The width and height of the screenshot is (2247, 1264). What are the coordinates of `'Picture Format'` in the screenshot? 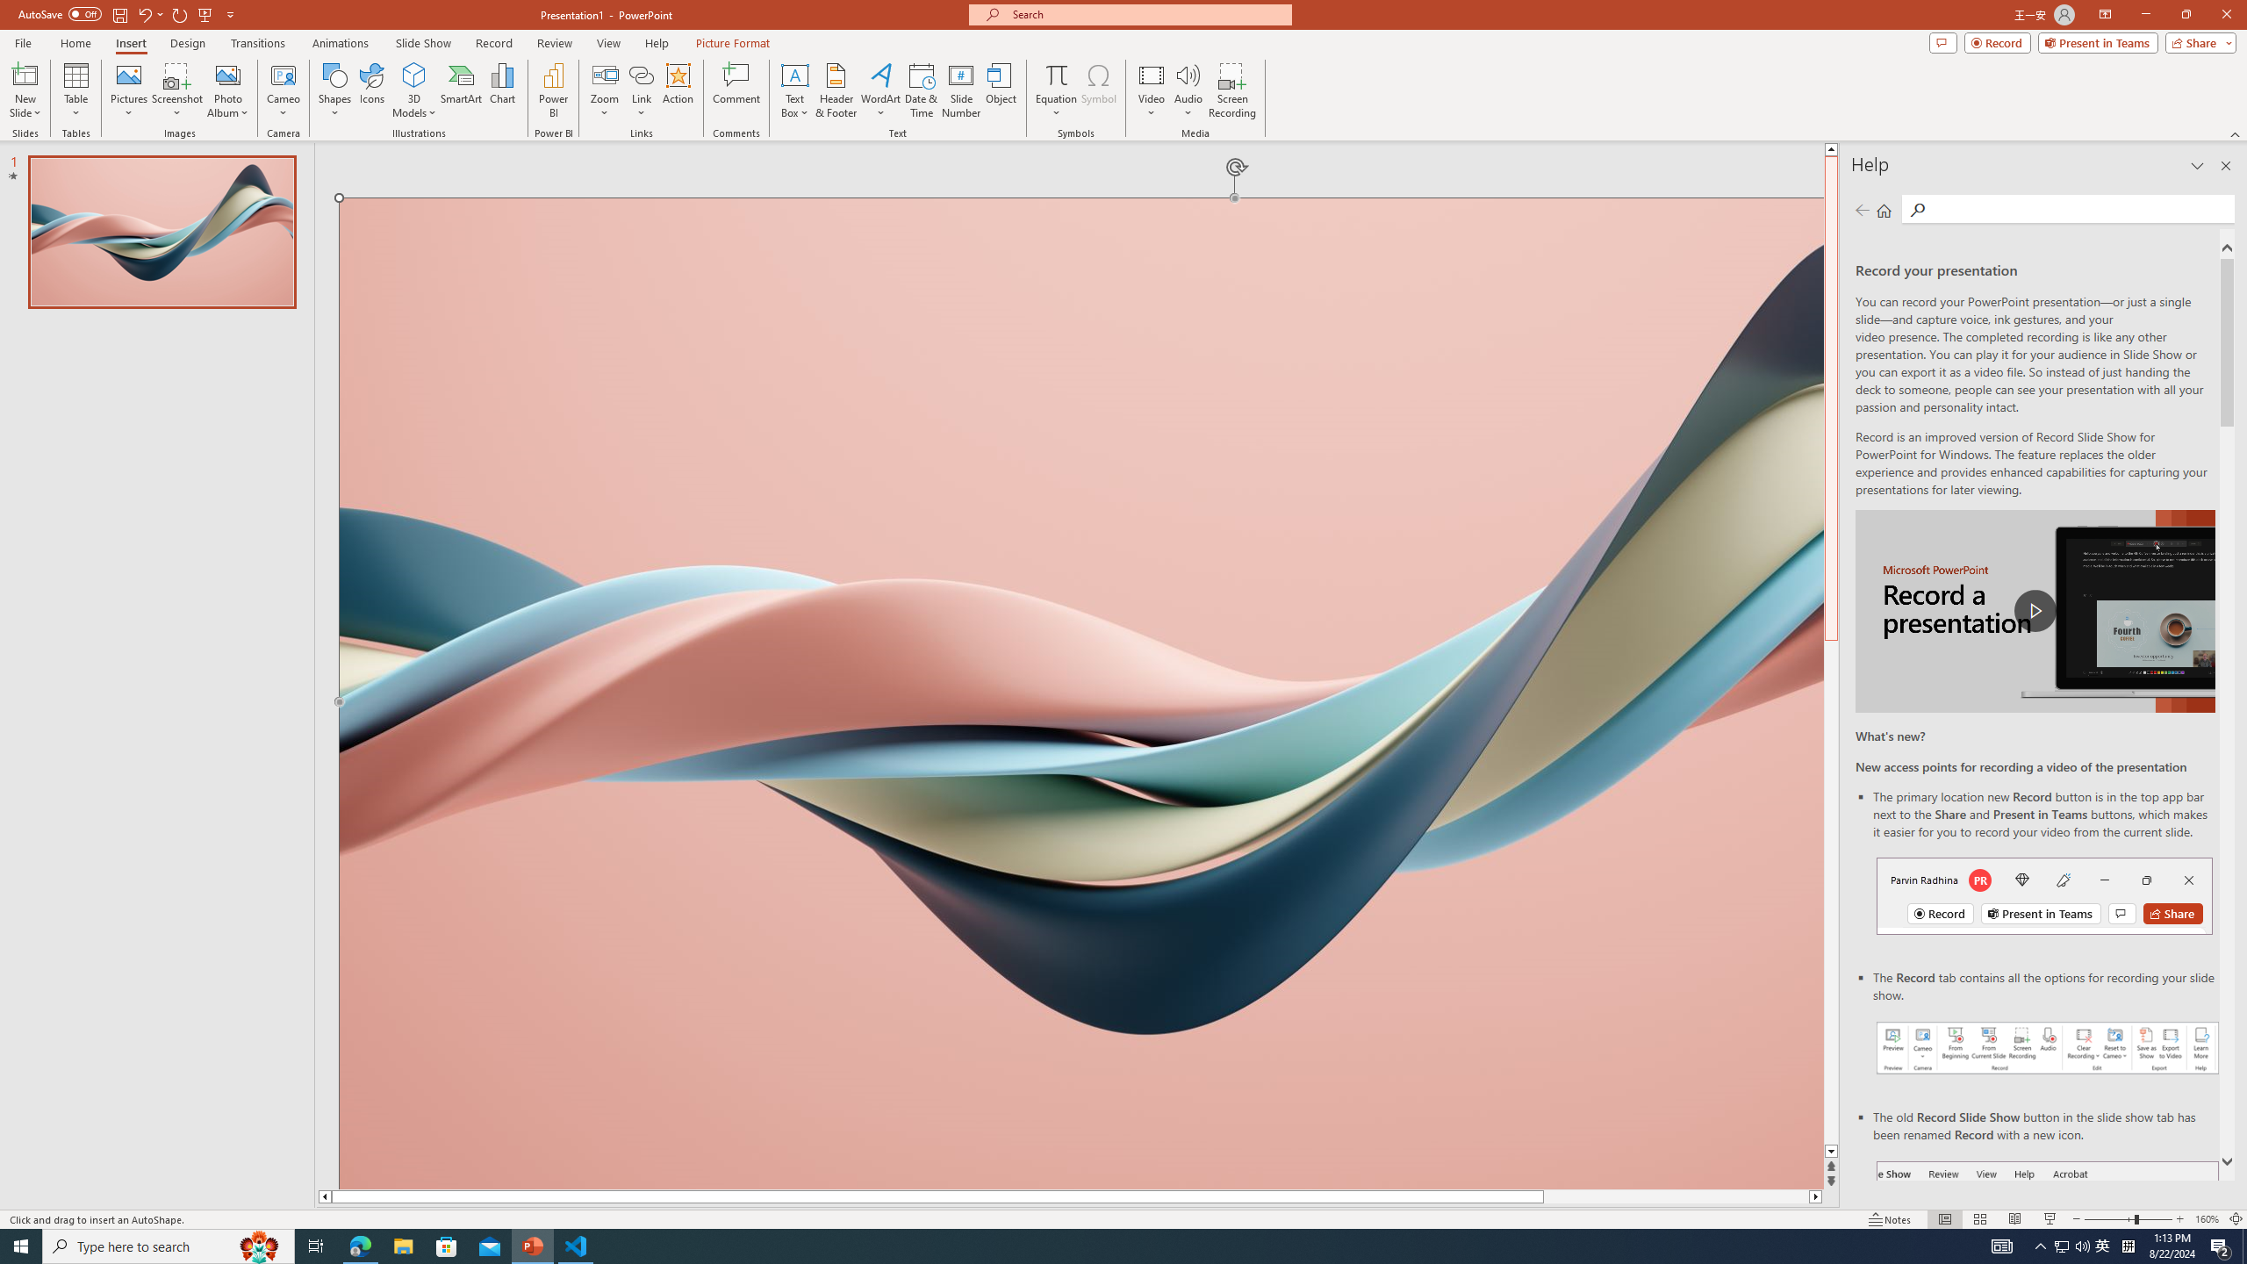 It's located at (733, 43).